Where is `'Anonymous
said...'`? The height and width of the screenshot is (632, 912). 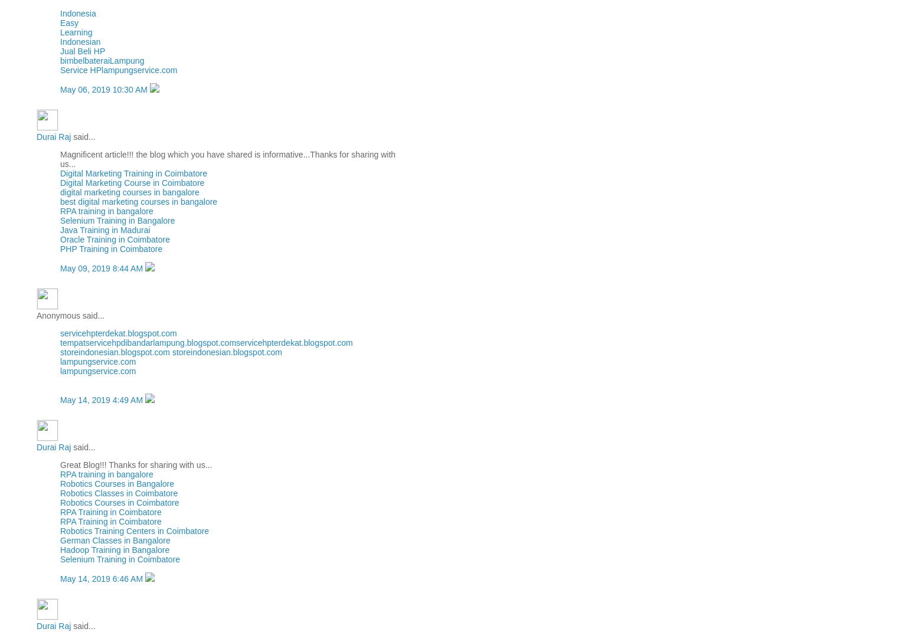 'Anonymous
said...' is located at coordinates (35, 315).